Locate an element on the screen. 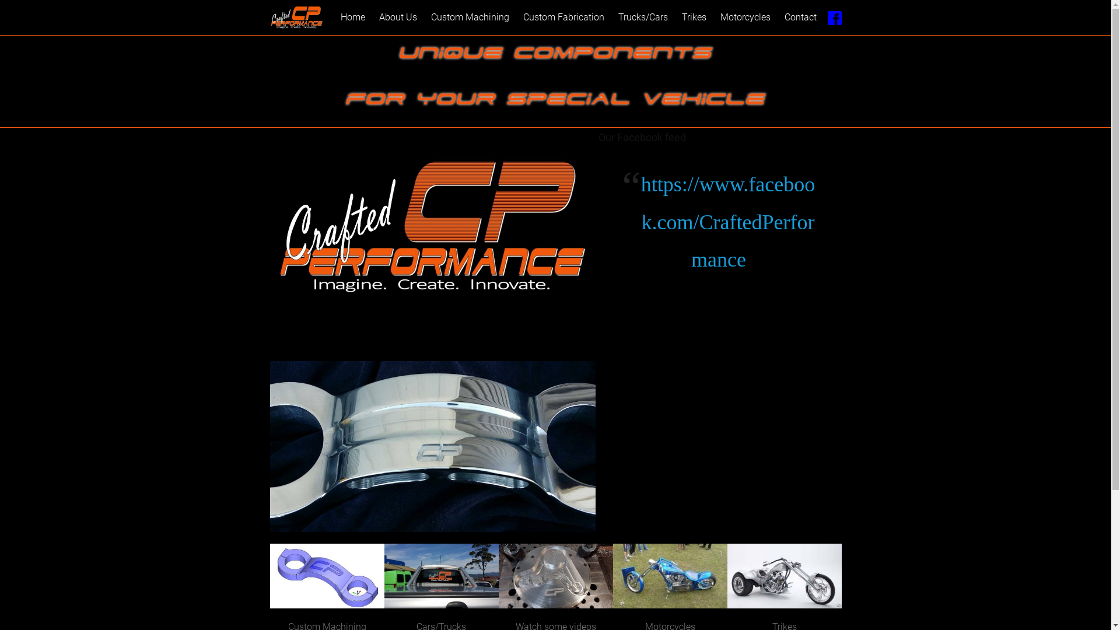 This screenshot has height=630, width=1120. 'Custom Fabrication' is located at coordinates (563, 17).